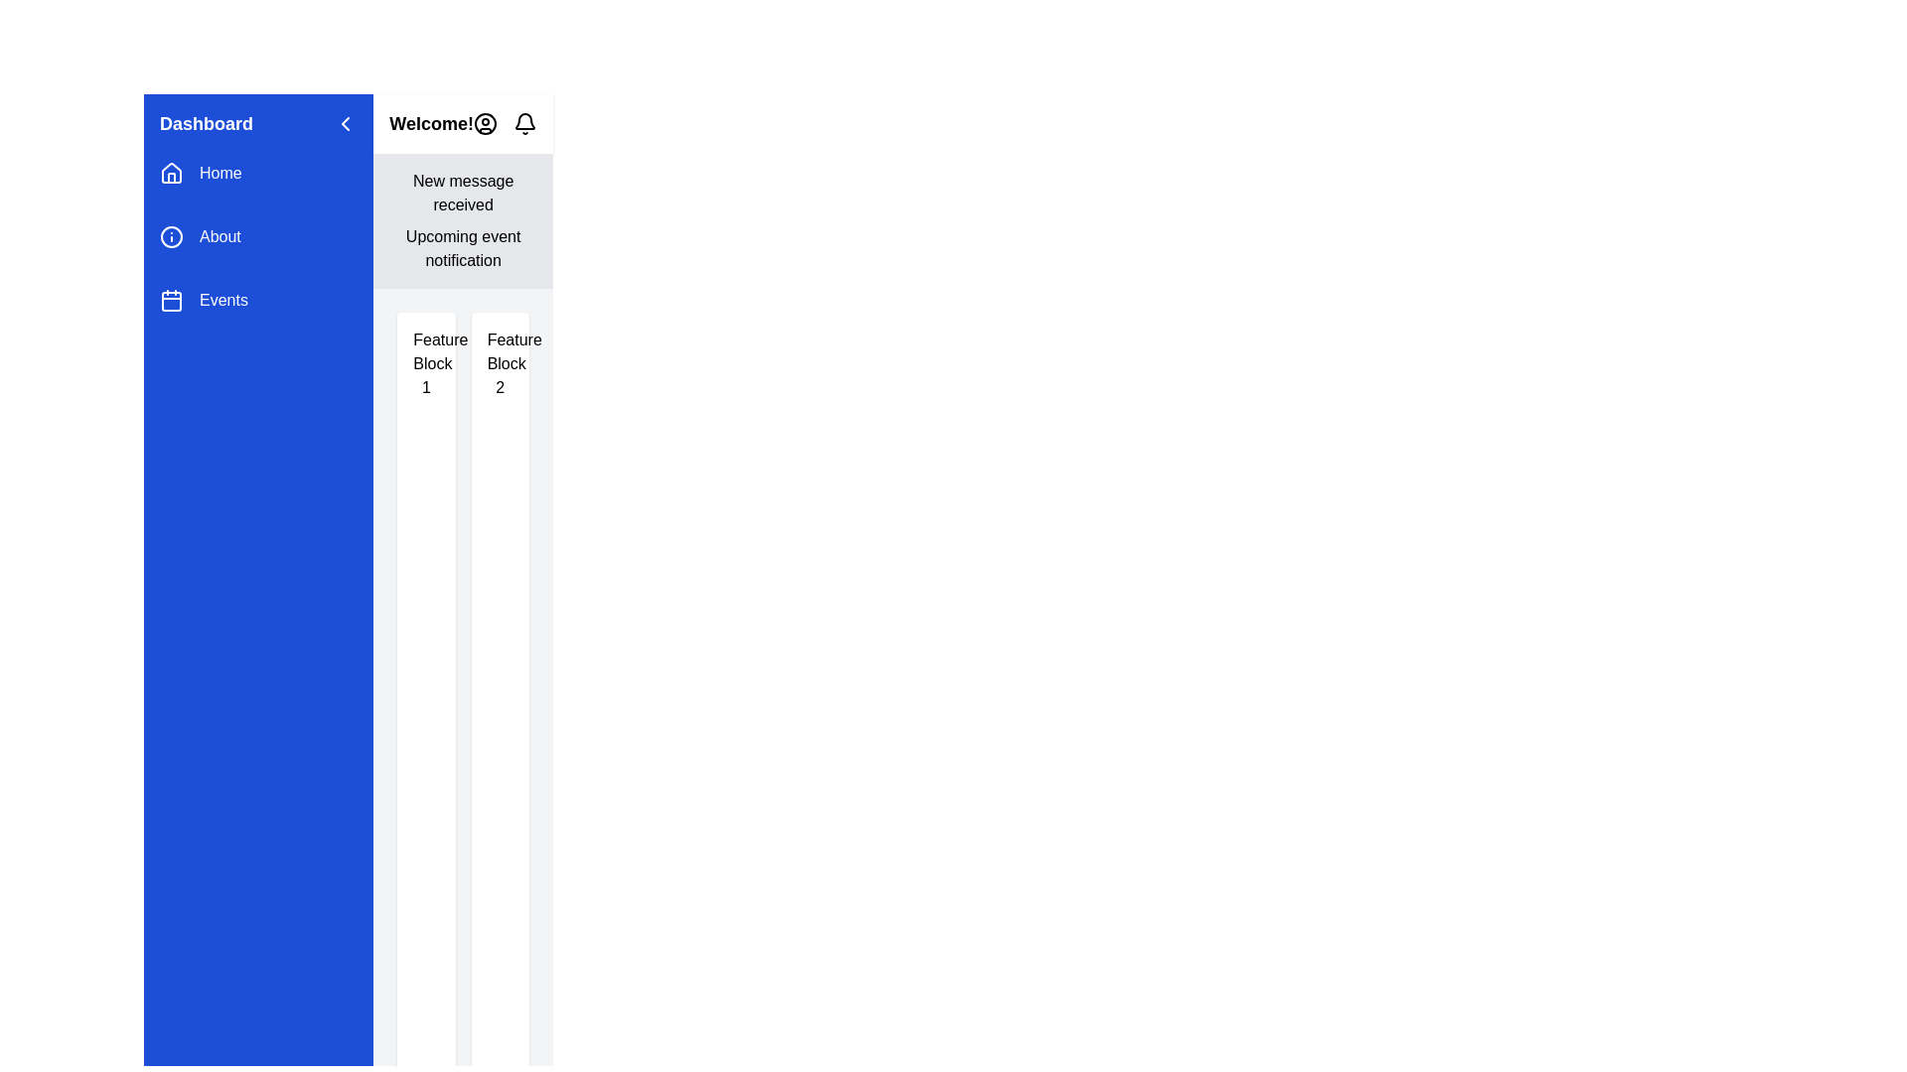  What do you see at coordinates (462, 221) in the screenshot?
I see `the informational text block displaying 'New message received' and 'Upcoming event notification', which has a light gray background and is positioned between the title 'Welcome!' and 'Feature Block 1'` at bounding box center [462, 221].